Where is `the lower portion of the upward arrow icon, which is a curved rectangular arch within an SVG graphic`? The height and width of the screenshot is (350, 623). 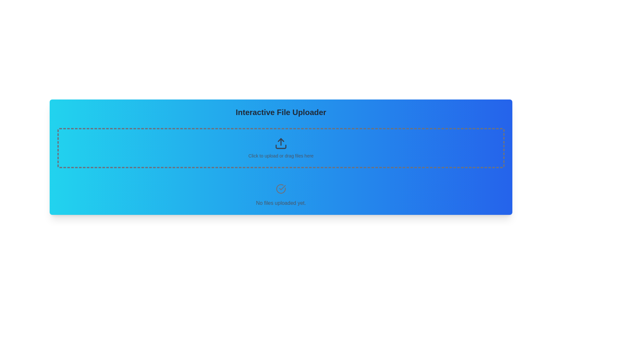
the lower portion of the upward arrow icon, which is a curved rectangular arch within an SVG graphic is located at coordinates (281, 146).